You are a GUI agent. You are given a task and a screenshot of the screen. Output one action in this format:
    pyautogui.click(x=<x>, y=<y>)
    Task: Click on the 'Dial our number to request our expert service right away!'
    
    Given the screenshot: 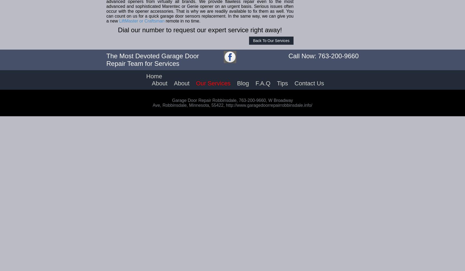 What is the action you would take?
    pyautogui.click(x=200, y=30)
    